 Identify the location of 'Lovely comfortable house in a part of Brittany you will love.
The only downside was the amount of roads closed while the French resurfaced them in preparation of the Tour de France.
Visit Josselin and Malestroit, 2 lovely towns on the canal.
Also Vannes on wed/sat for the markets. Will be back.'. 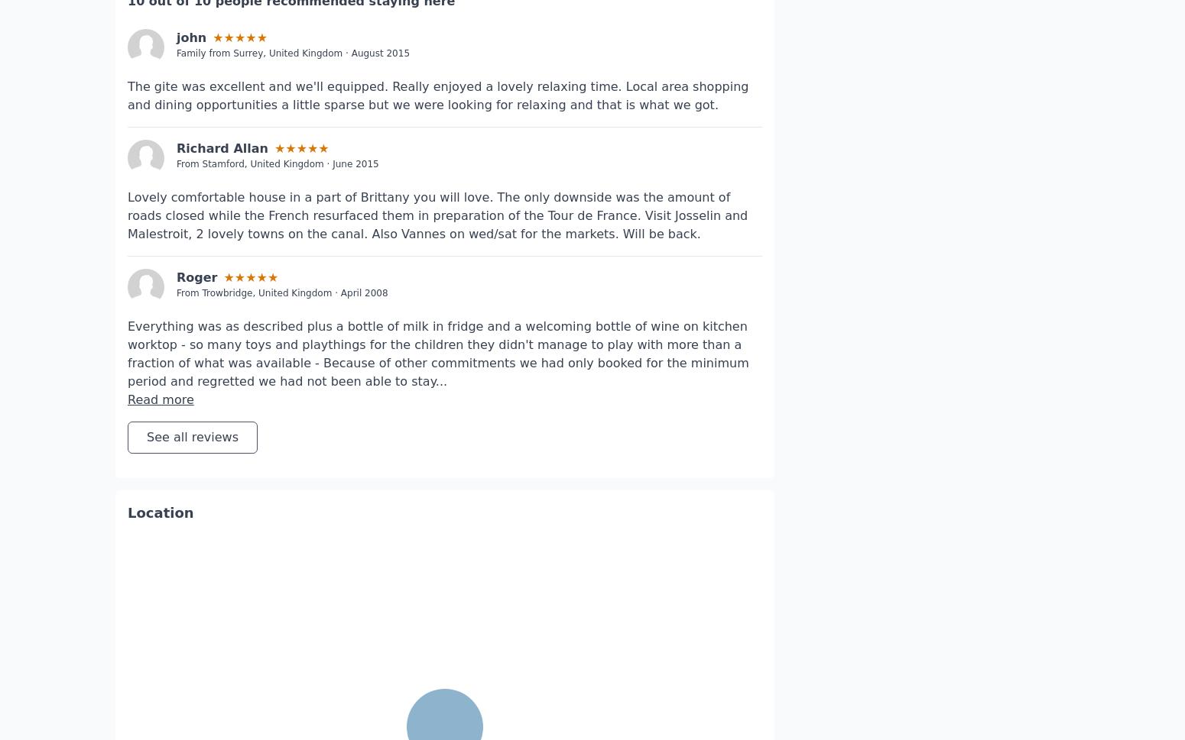
(126, 169).